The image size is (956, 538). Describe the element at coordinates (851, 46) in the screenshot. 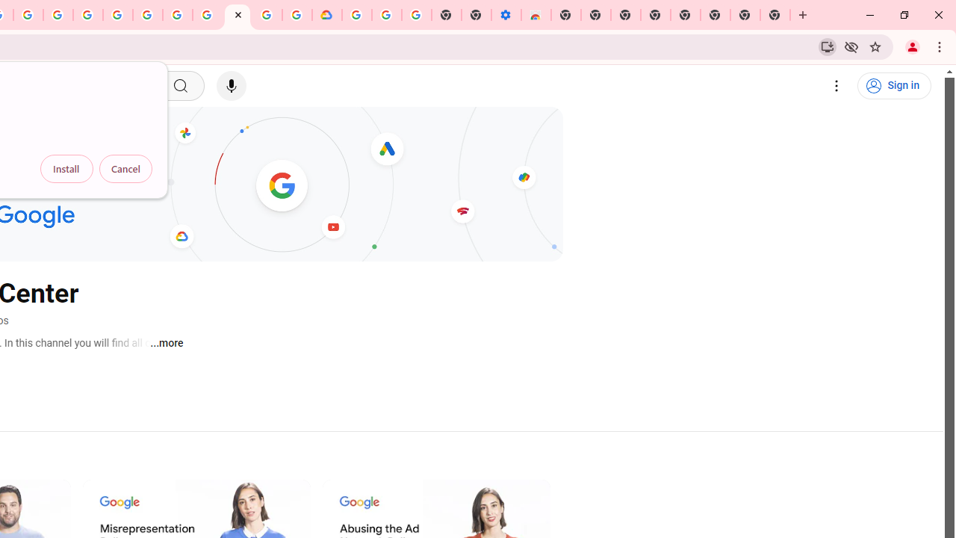

I see `'Third-party cookies blocked'` at that location.